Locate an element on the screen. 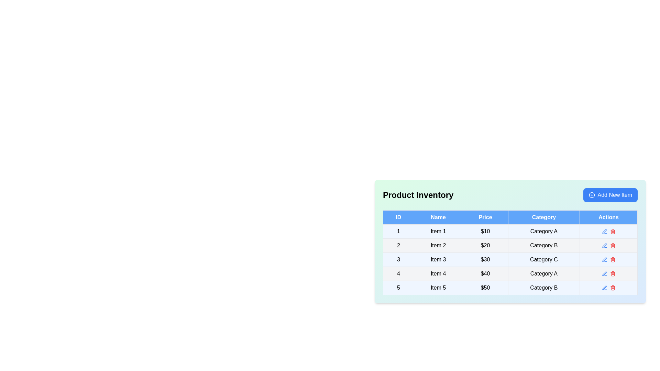 The height and width of the screenshot is (371, 660). the interactive buttons (edit and delete icons) in the 'Actions' column of the table for 'Item 3' is located at coordinates (608, 260).